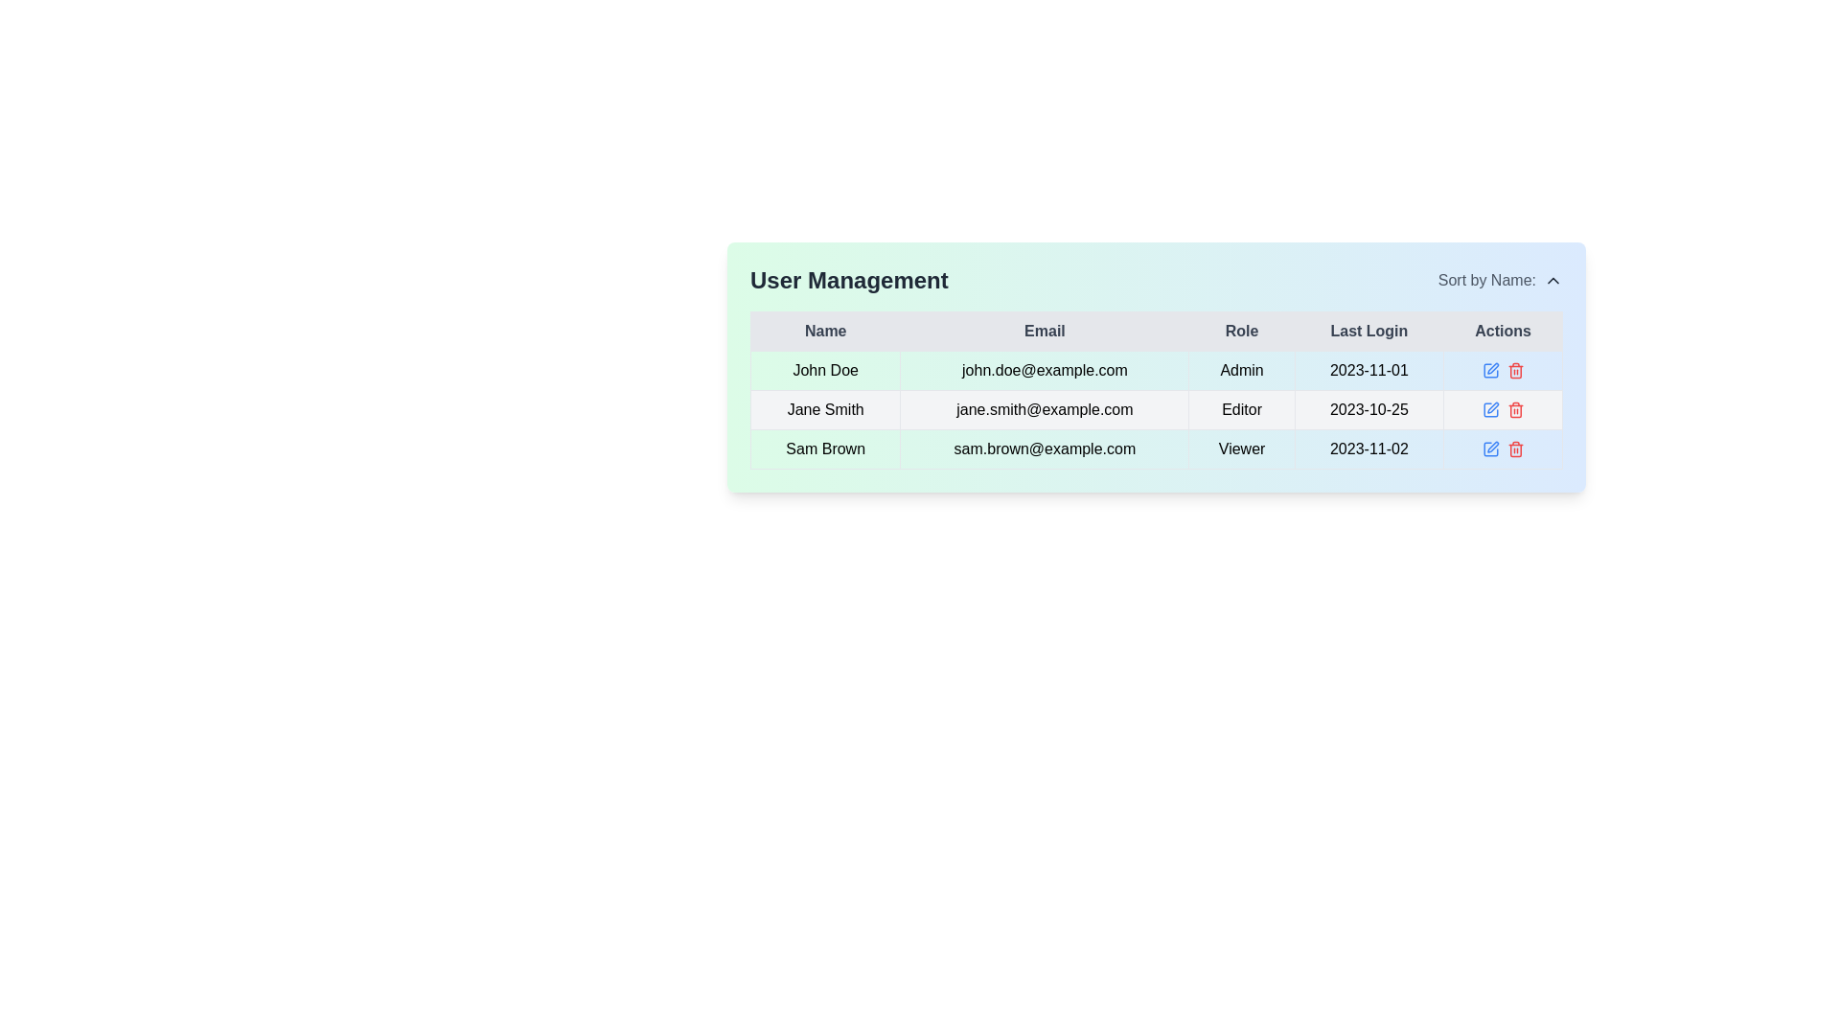 This screenshot has height=1035, width=1840. Describe the element at coordinates (1242, 449) in the screenshot. I see `the static text label indicating the role of user 'Sam Brown' as 'Viewer' in the User Management Interface, located under the 'Role' column in the last row of the table` at that location.